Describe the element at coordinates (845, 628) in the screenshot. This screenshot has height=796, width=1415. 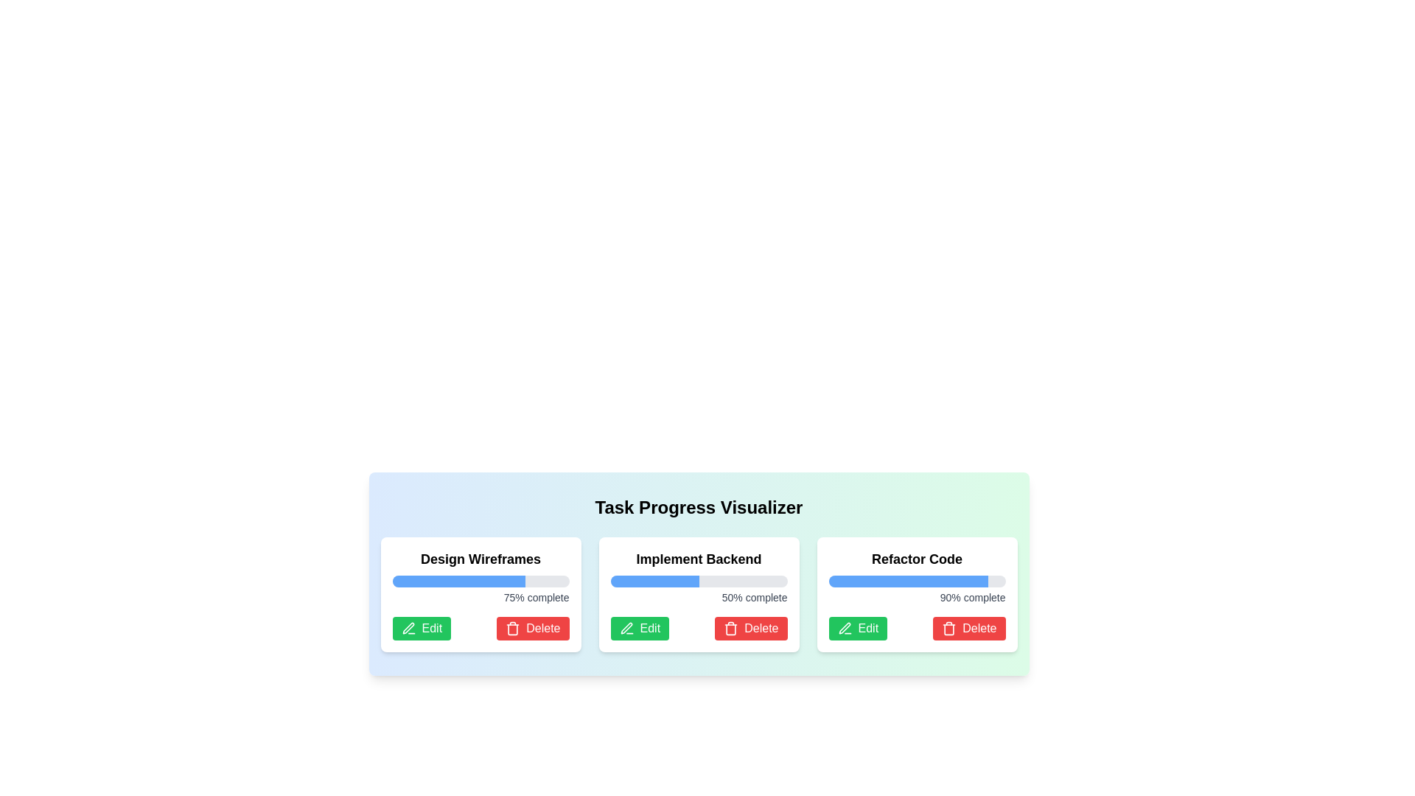
I see `the icon embedded within the green 'Edit' button on the last card titled 'Refactor Code'` at that location.